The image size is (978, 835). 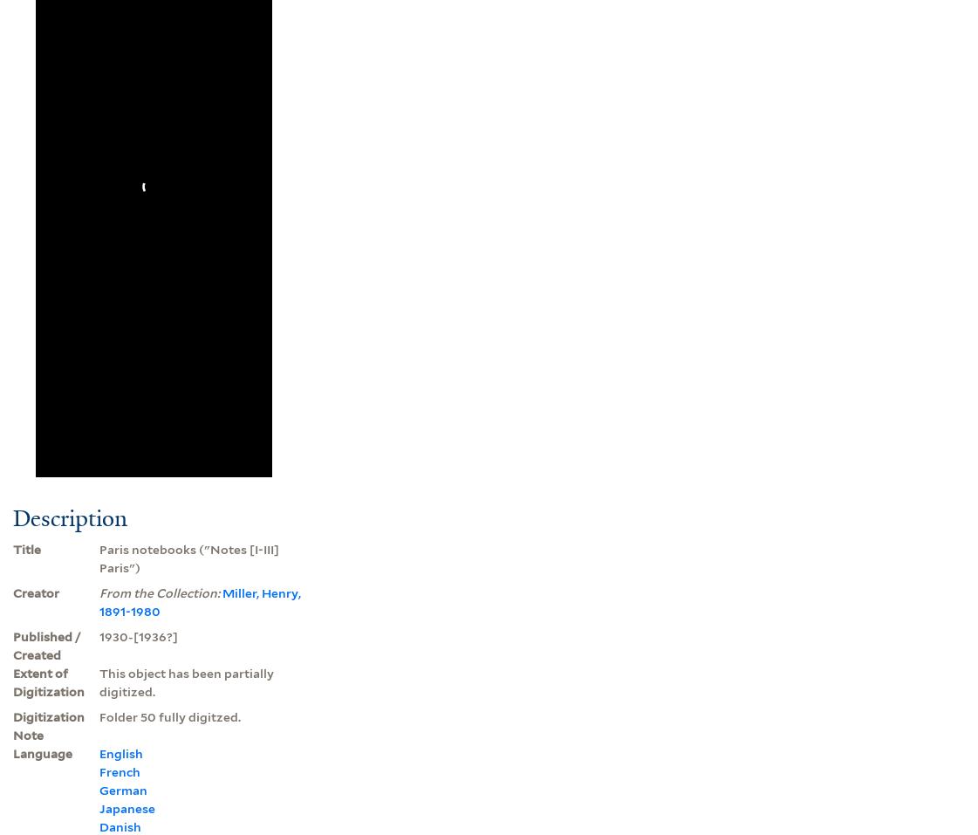 I want to click on 'Miller, Henry, 1891-1980', so click(x=199, y=601).